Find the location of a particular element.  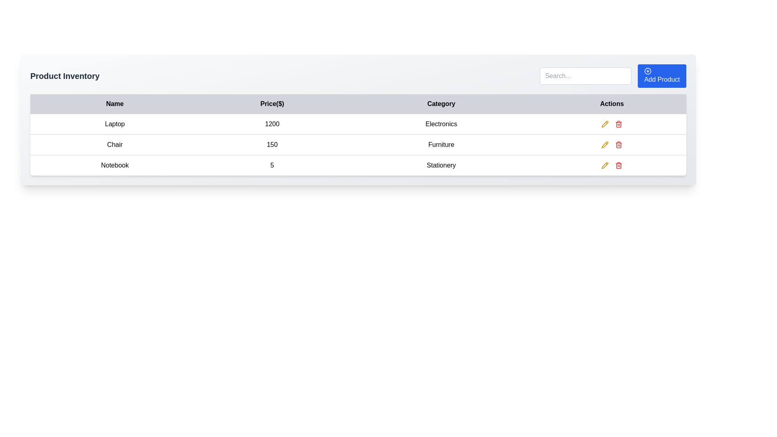

the edit button in the 'Actions' column of the first row for the 'Laptop' product is located at coordinates (605, 124).